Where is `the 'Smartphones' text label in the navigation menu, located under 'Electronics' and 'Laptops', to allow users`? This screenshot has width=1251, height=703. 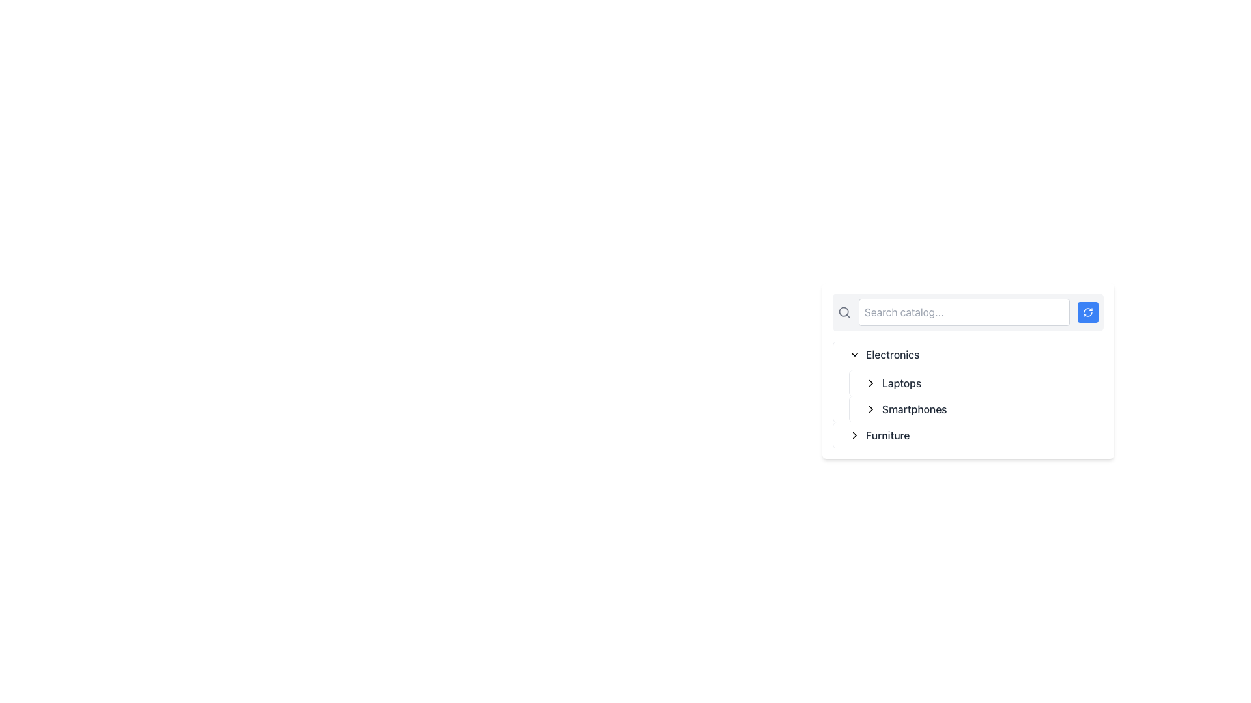 the 'Smartphones' text label in the navigation menu, located under 'Electronics' and 'Laptops', to allow users is located at coordinates (913, 408).